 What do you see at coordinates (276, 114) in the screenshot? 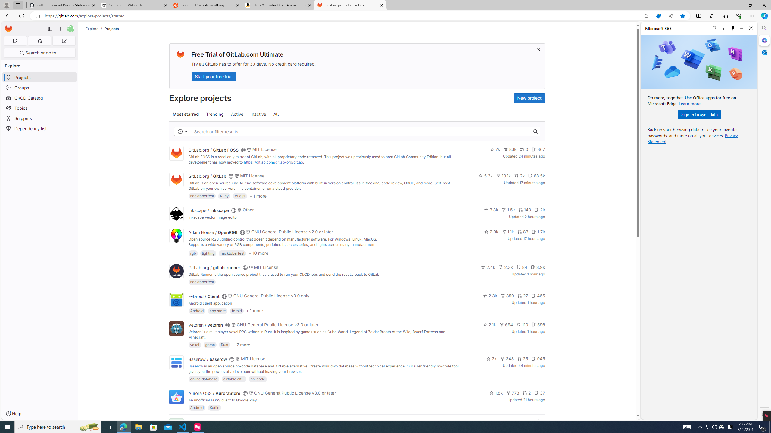
I see `'All'` at bounding box center [276, 114].